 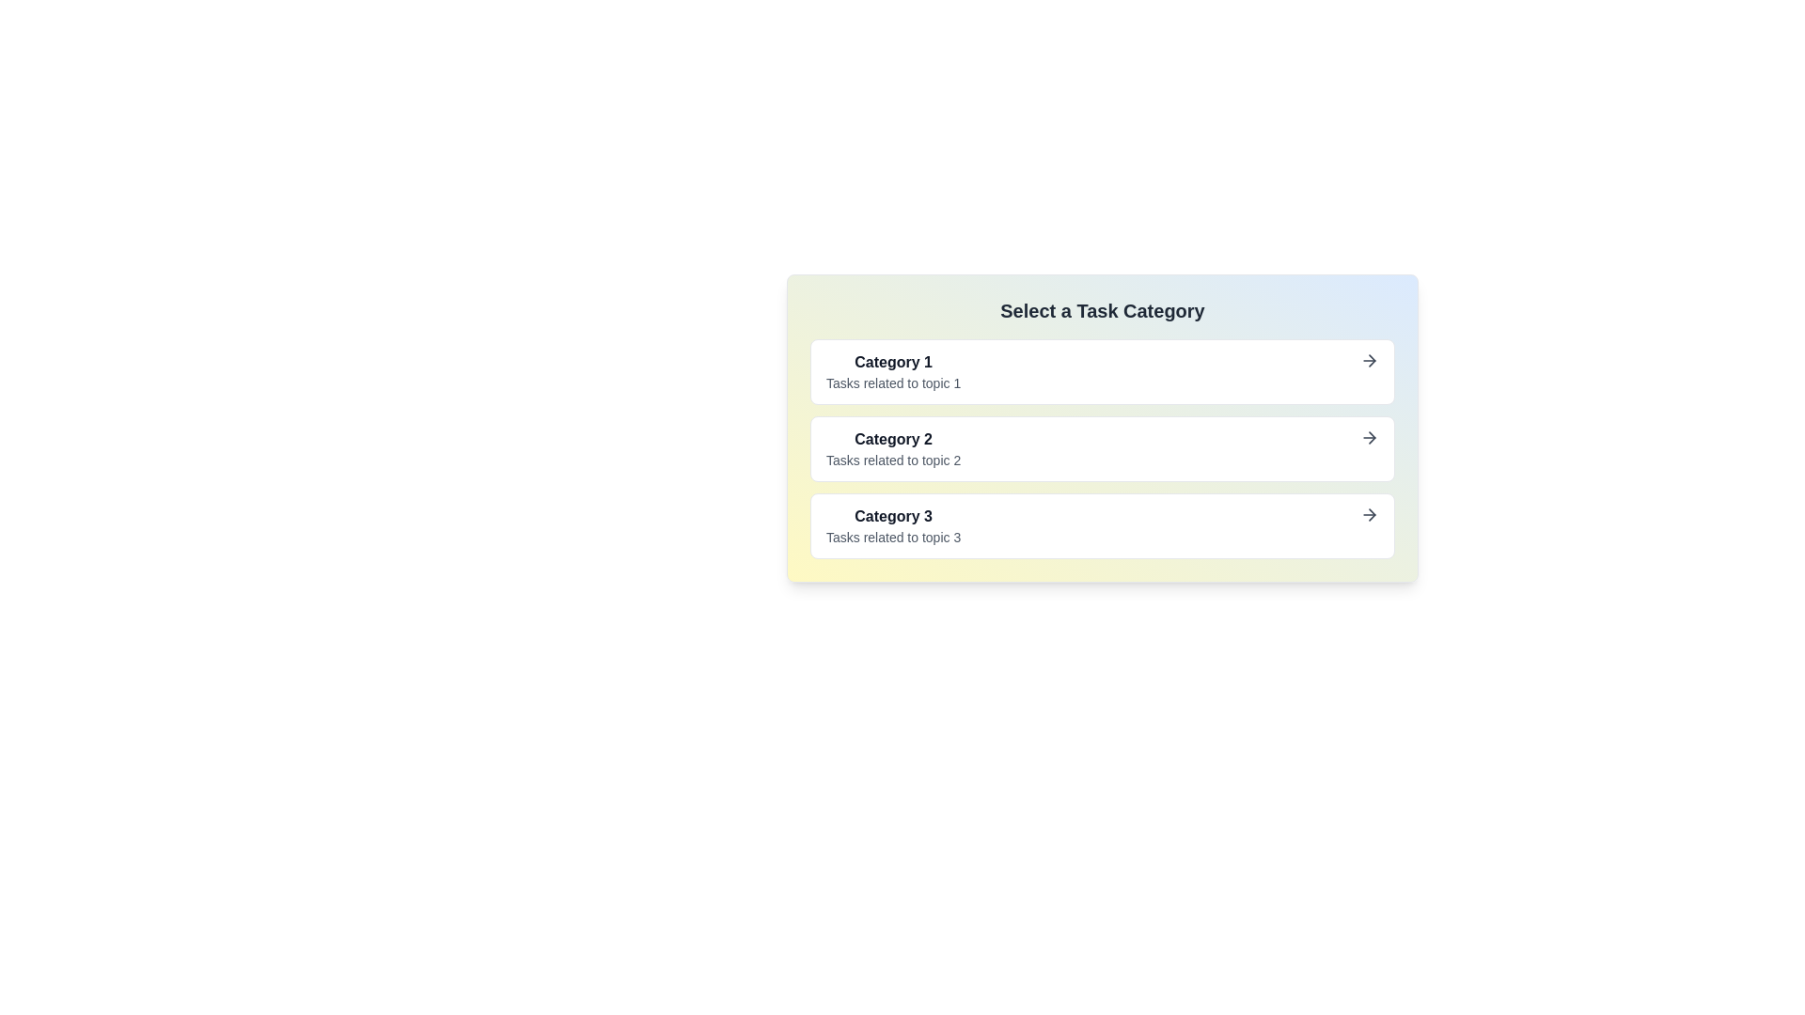 What do you see at coordinates (1370, 514) in the screenshot?
I see `the right-pointing arrow icon located at the rightmost side of the horizontally-aligned interface group for 'Category 3 - Tasks related to topic 3'` at bounding box center [1370, 514].